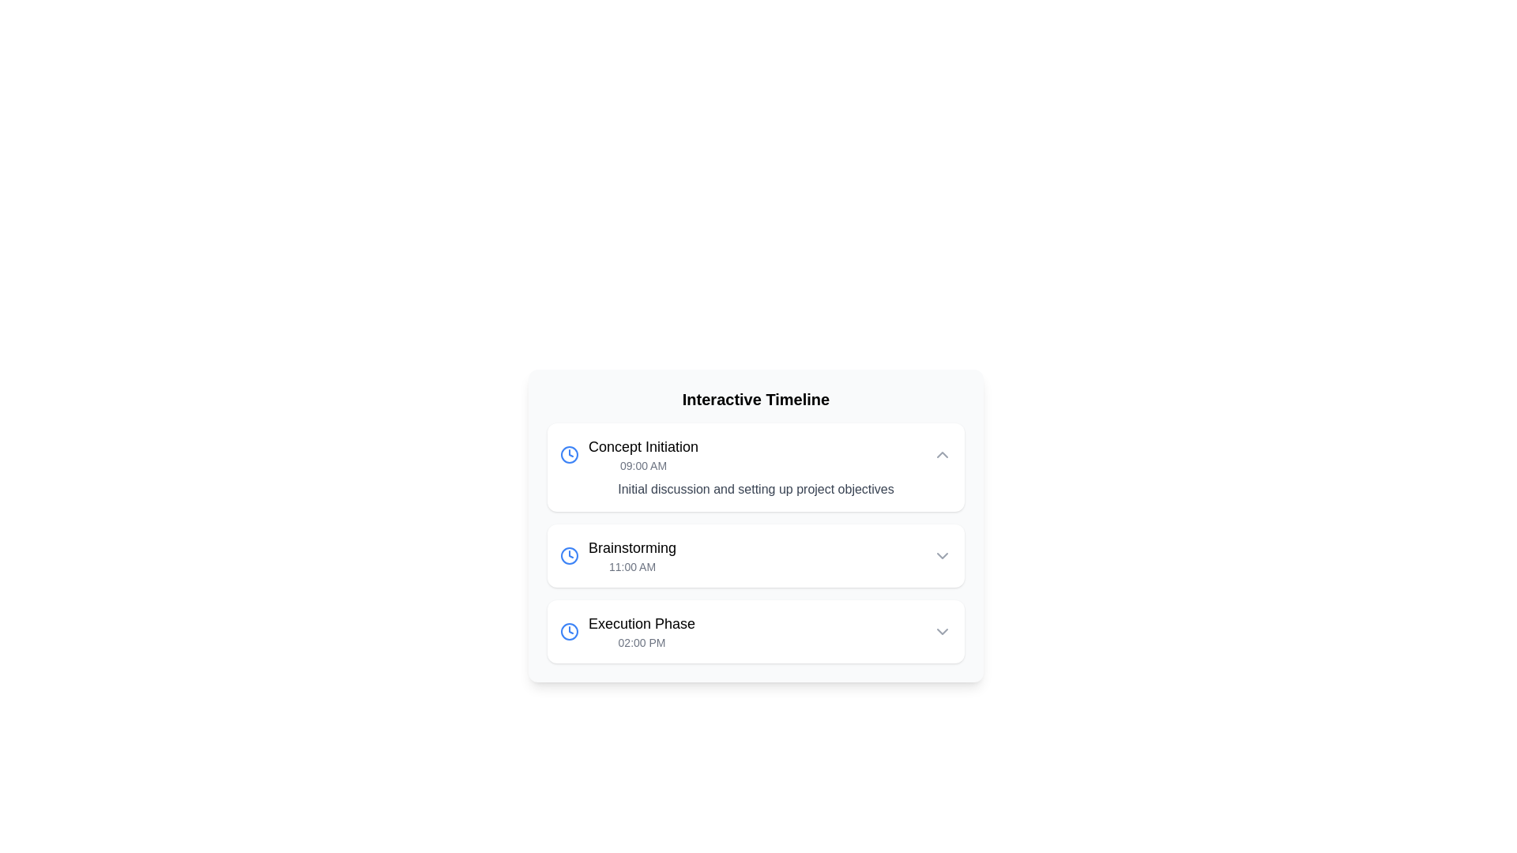 This screenshot has height=853, width=1517. Describe the element at coordinates (642, 642) in the screenshot. I see `the Text label that displays the scheduled time for the 'Execution Phase', which is located below the heading 'Execution Phase' in the third entry of the timeline` at that location.